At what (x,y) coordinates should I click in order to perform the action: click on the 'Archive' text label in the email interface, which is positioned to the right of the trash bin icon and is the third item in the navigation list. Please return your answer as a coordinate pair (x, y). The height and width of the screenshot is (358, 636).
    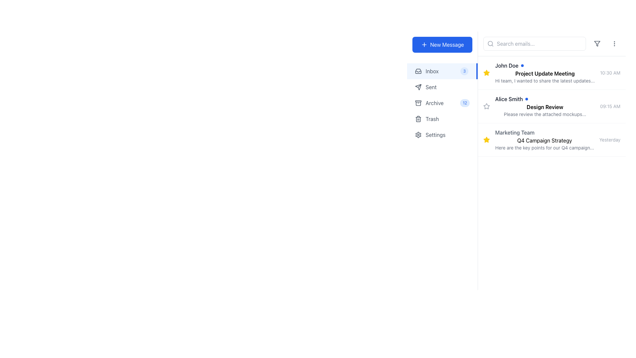
    Looking at the image, I should click on (441, 103).